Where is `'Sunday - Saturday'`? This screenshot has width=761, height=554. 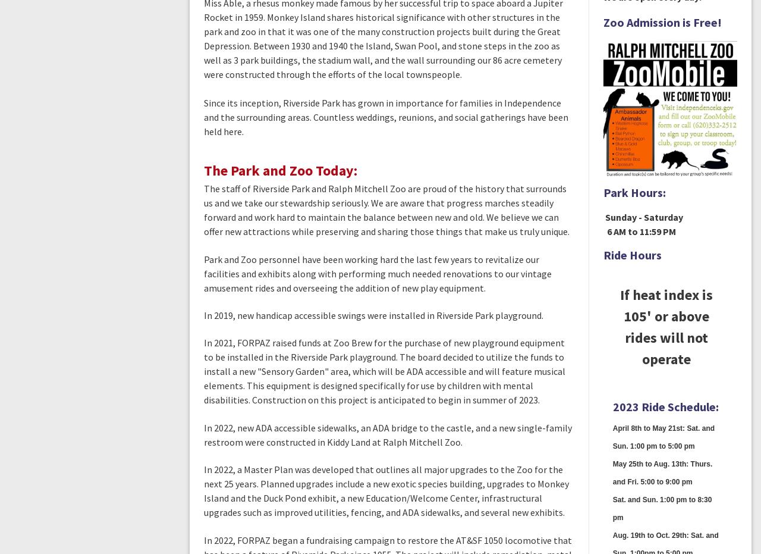
'Sunday - Saturday' is located at coordinates (641, 217).